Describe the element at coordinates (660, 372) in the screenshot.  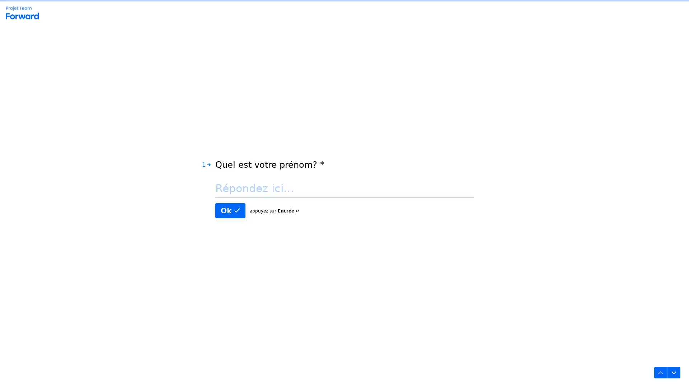
I see `Question precedente` at that location.